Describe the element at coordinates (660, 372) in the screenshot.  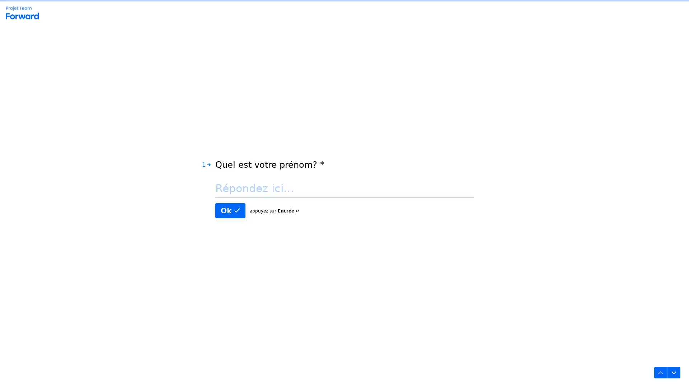
I see `Question precedente` at that location.